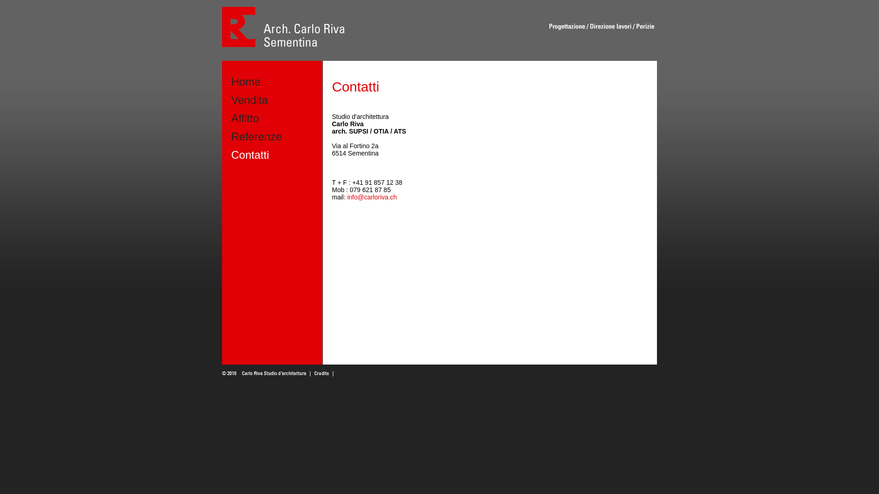  Describe the element at coordinates (231, 81) in the screenshot. I see `'Home'` at that location.